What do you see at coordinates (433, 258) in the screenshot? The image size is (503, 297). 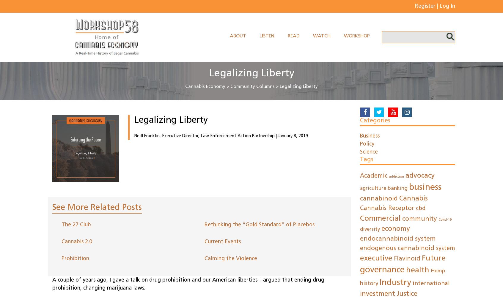 I see `'Future'` at bounding box center [433, 258].